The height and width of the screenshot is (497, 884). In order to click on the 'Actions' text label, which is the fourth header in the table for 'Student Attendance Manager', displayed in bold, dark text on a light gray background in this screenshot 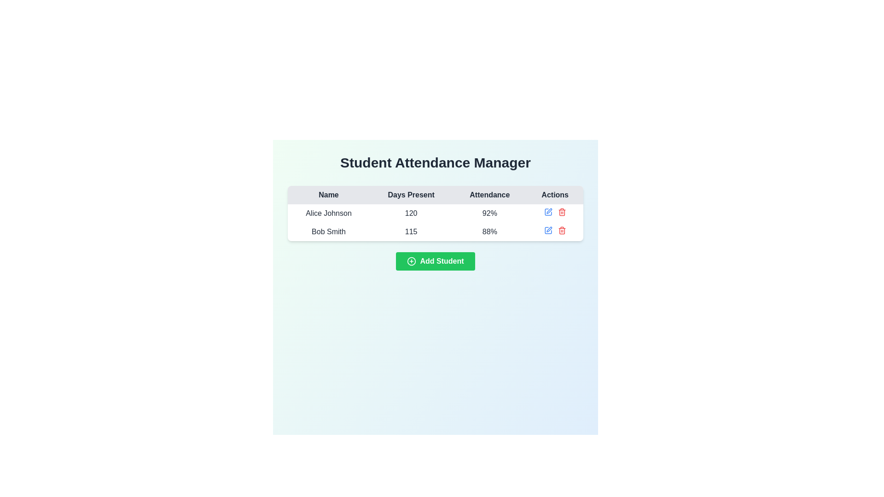, I will do `click(554, 195)`.